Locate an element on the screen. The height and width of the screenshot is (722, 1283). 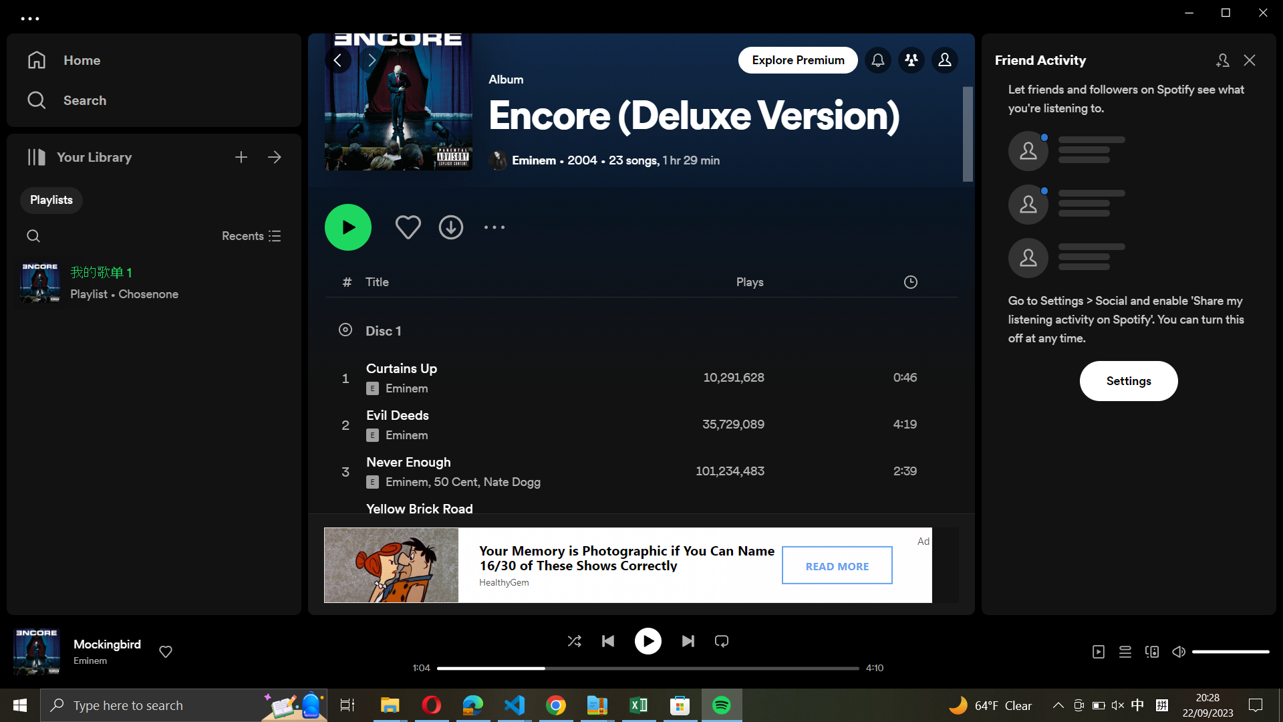
more options in the playlist is located at coordinates (493, 225).